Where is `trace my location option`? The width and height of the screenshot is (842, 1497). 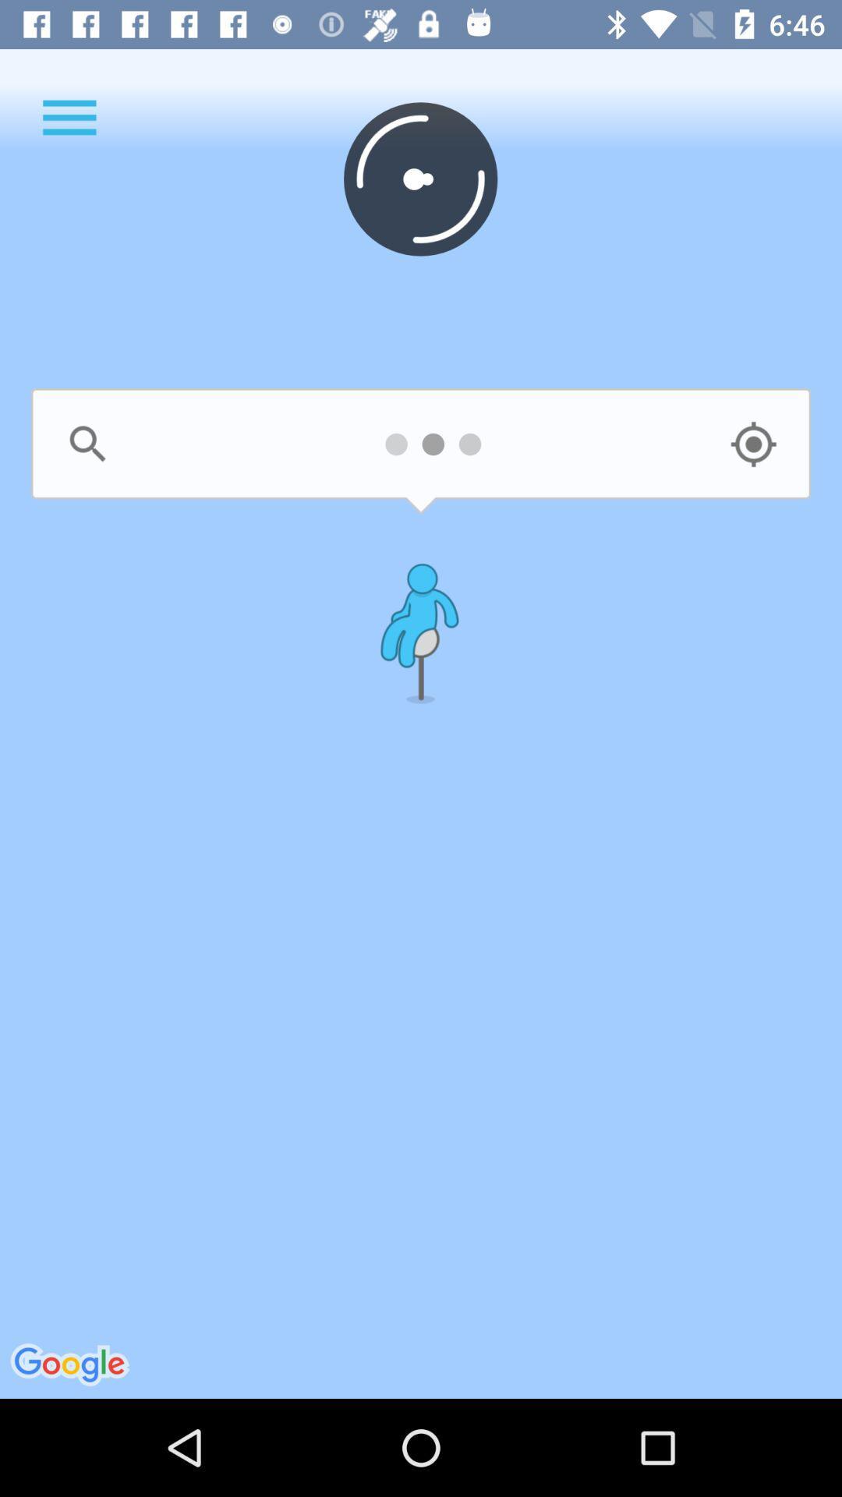 trace my location option is located at coordinates (752, 444).